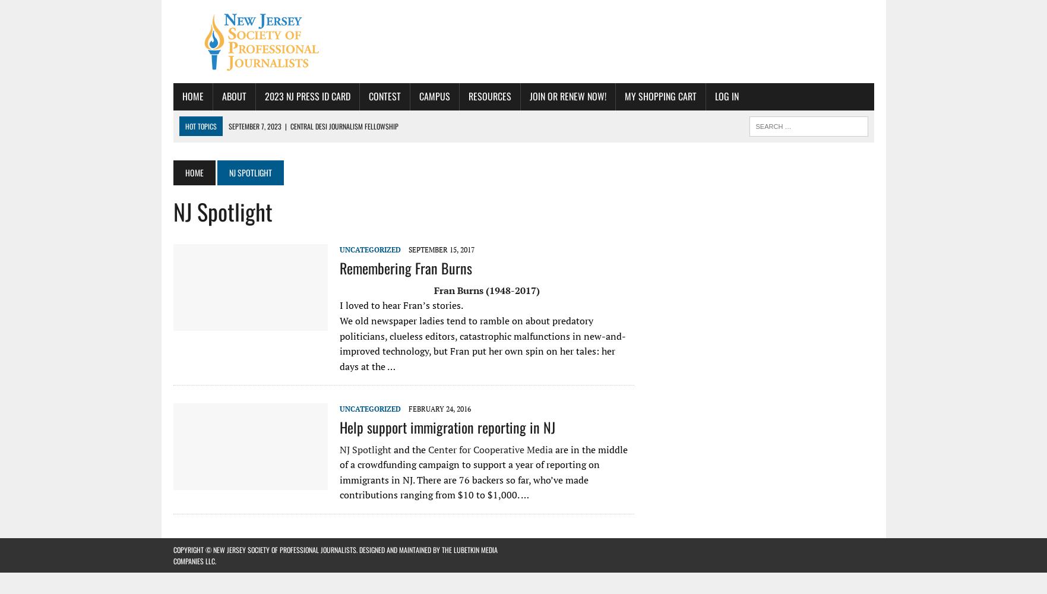 The image size is (1047, 594). I want to click on 'and the', so click(409, 449).